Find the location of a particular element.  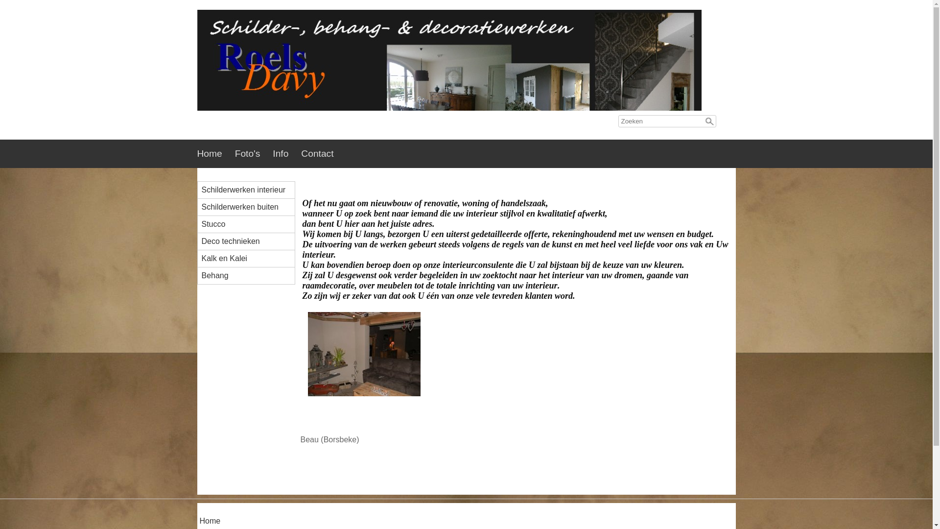

'Home' is located at coordinates (215, 153).